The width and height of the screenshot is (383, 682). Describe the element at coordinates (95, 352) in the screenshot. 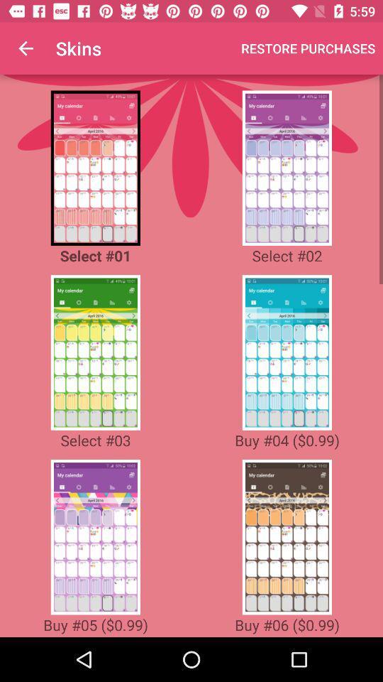

I see `calendar layout` at that location.